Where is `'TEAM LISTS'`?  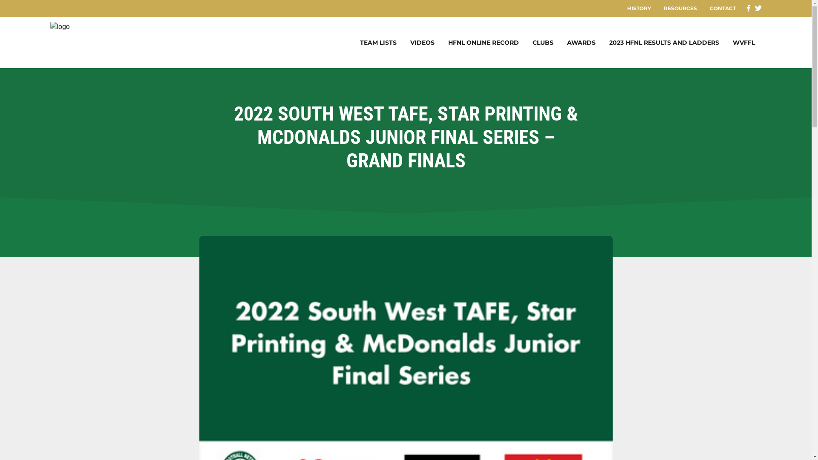 'TEAM LISTS' is located at coordinates (377, 43).